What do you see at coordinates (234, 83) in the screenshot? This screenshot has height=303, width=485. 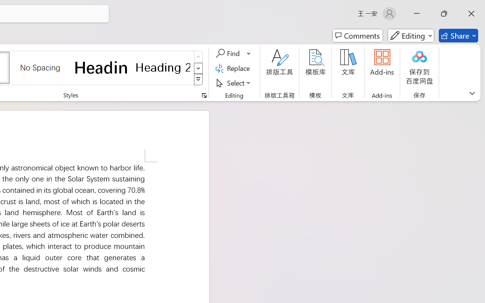 I see `'Select'` at bounding box center [234, 83].